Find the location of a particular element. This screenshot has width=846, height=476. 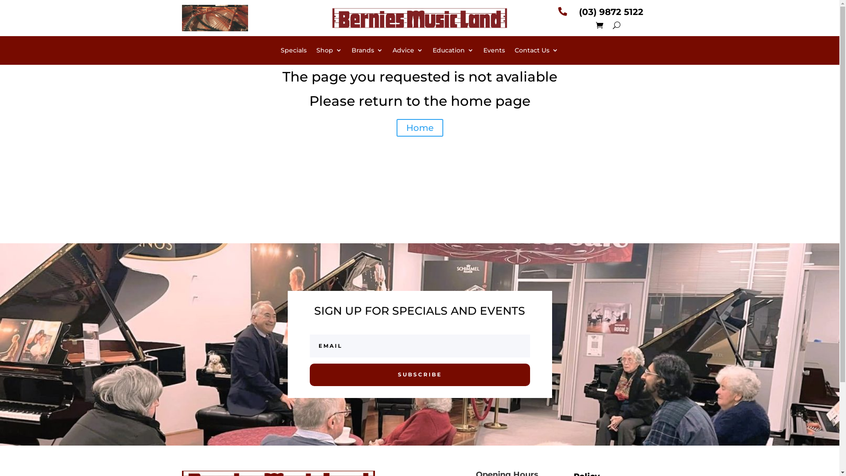

'Brands' is located at coordinates (367, 52).